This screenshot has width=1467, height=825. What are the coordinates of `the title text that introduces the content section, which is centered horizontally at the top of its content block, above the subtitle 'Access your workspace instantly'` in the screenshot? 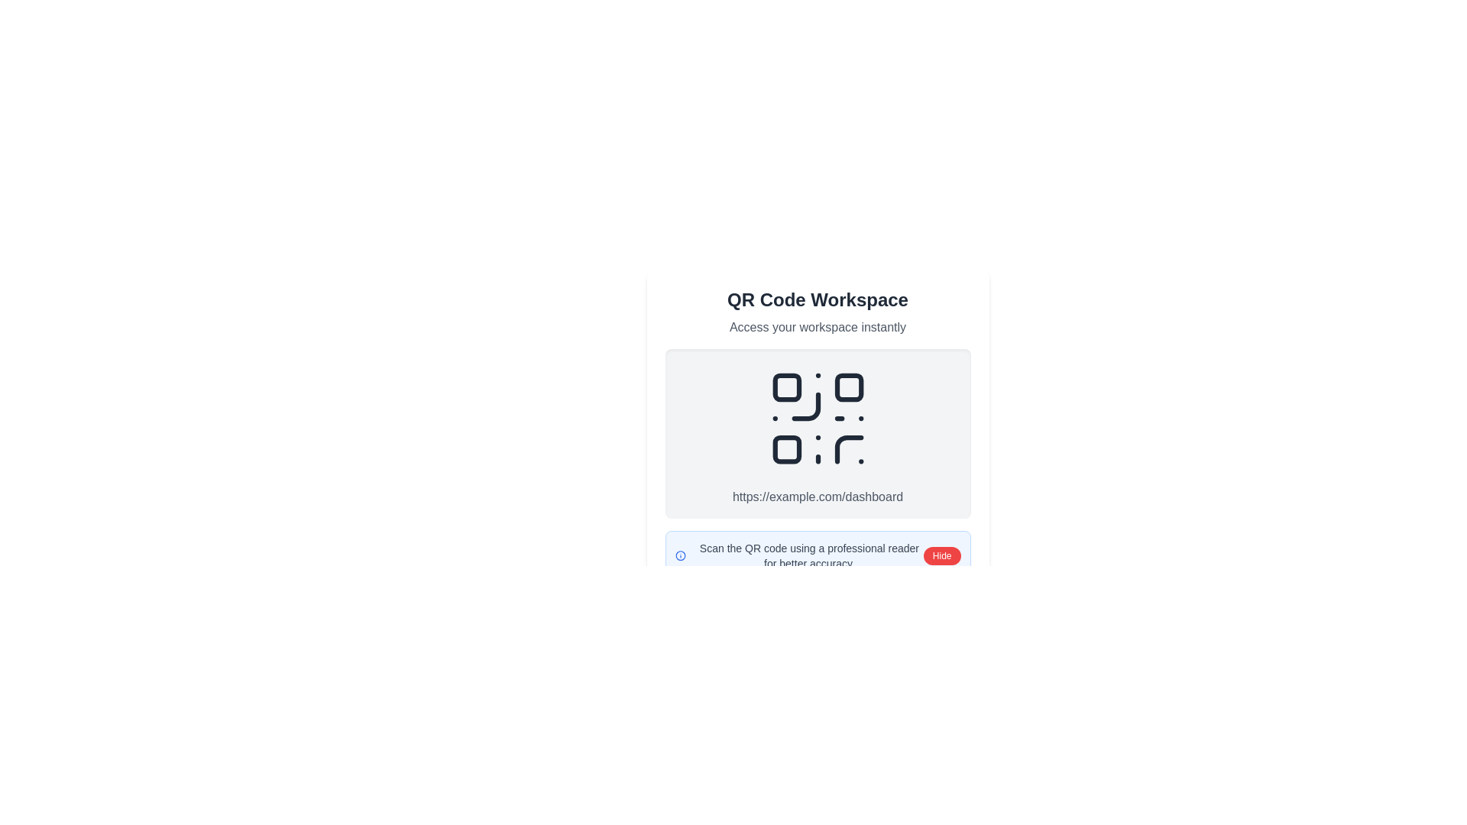 It's located at (817, 300).